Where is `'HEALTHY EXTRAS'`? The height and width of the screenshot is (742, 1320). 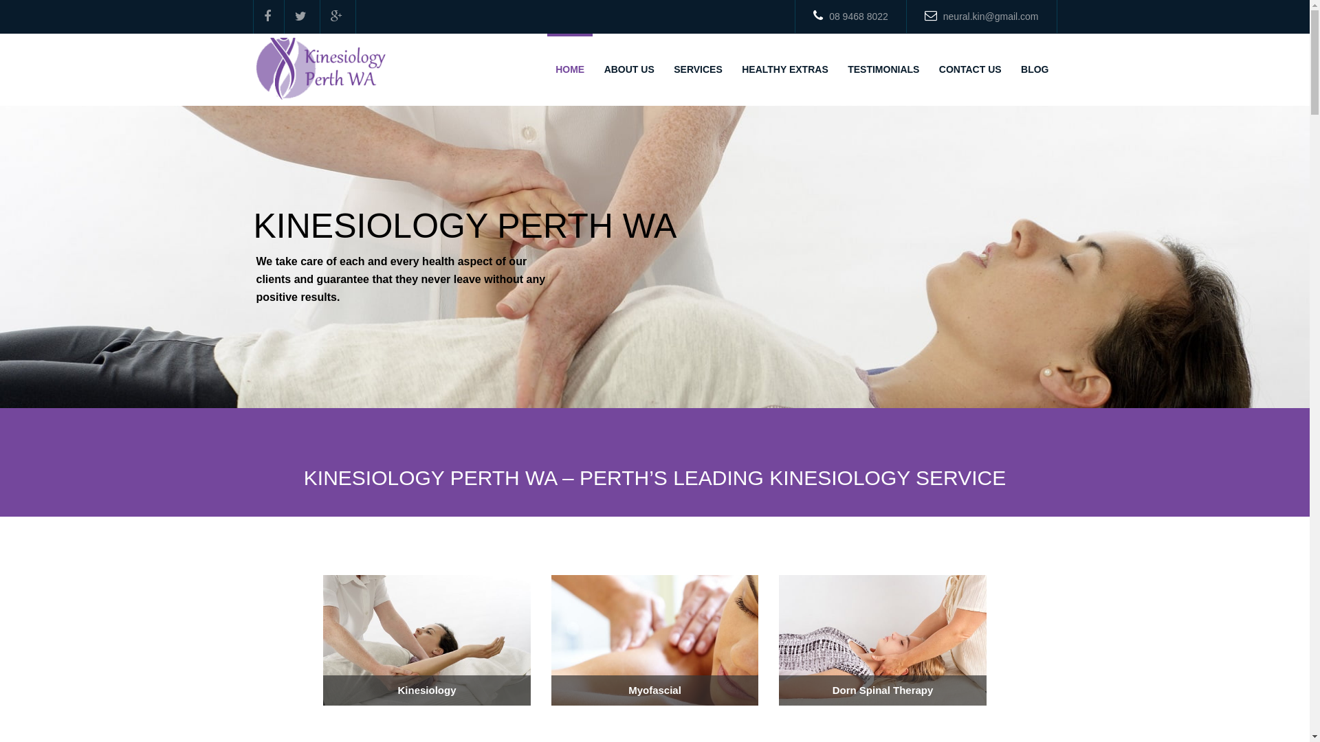
'HEALTHY EXTRAS' is located at coordinates (785, 69).